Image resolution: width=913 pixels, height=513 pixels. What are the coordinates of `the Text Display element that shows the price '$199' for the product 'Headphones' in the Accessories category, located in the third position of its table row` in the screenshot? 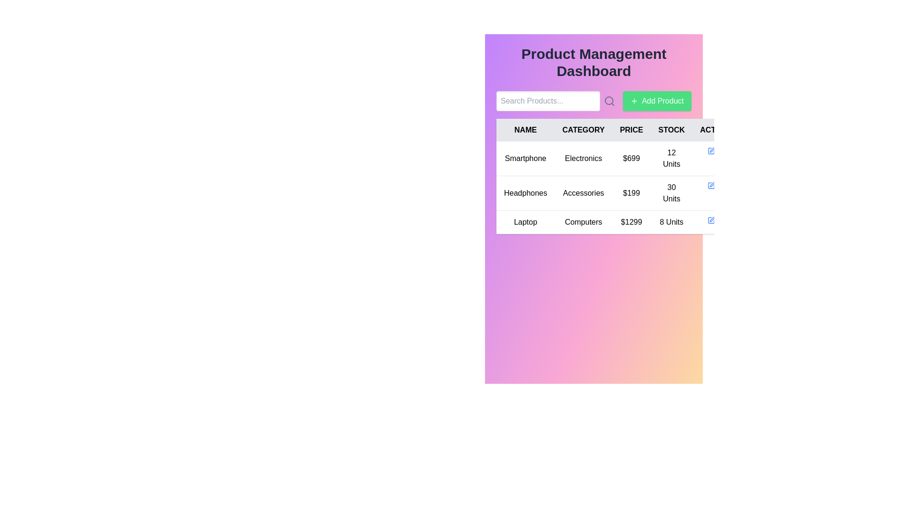 It's located at (631, 193).